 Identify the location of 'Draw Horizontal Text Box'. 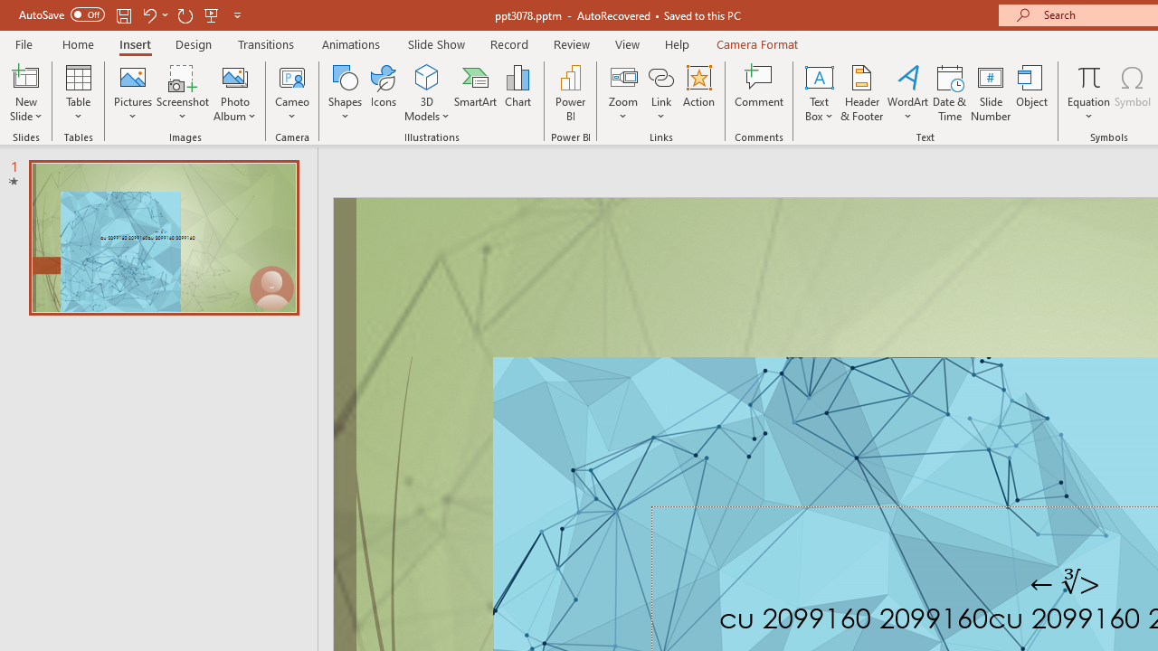
(818, 76).